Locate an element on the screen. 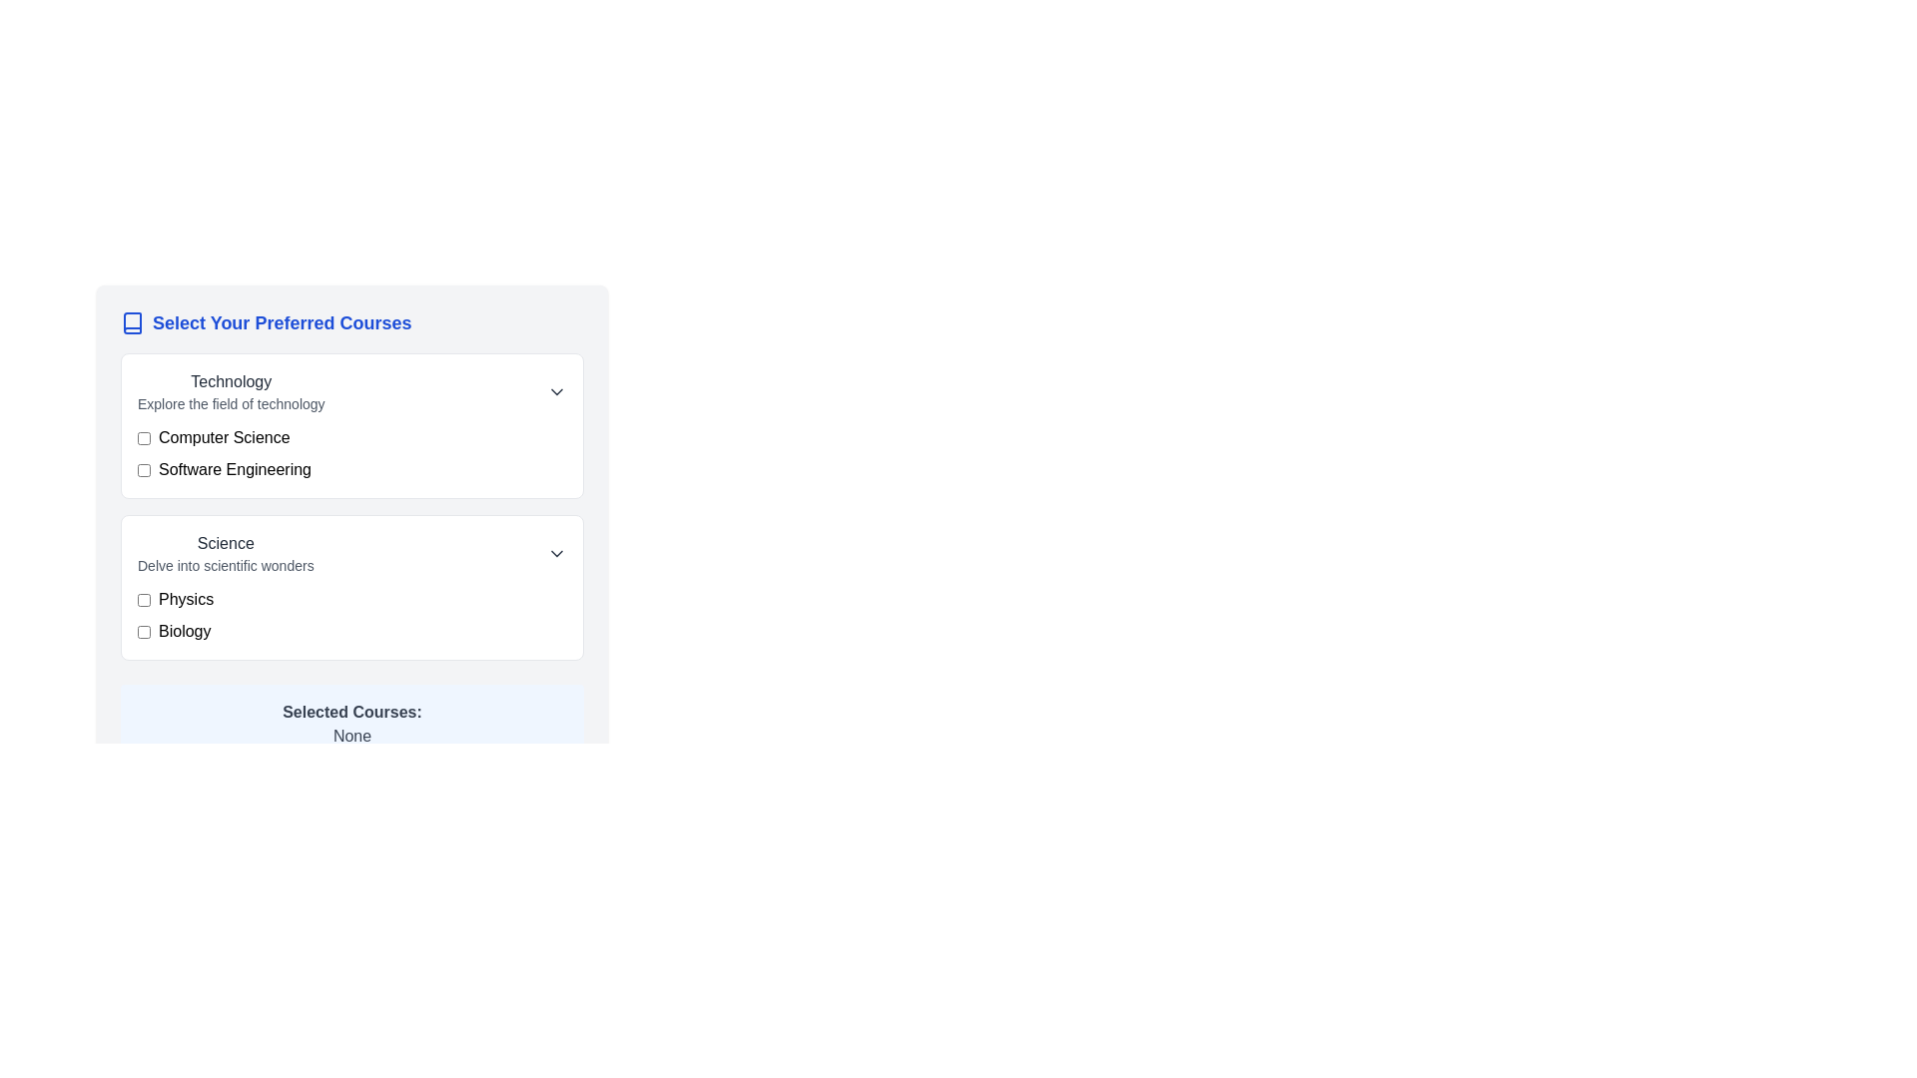 The image size is (1917, 1078). the book icon located at the top-left corner of the form module, aligned to the left of the heading text 'Select Your Preferred Courses' is located at coordinates (132, 322).